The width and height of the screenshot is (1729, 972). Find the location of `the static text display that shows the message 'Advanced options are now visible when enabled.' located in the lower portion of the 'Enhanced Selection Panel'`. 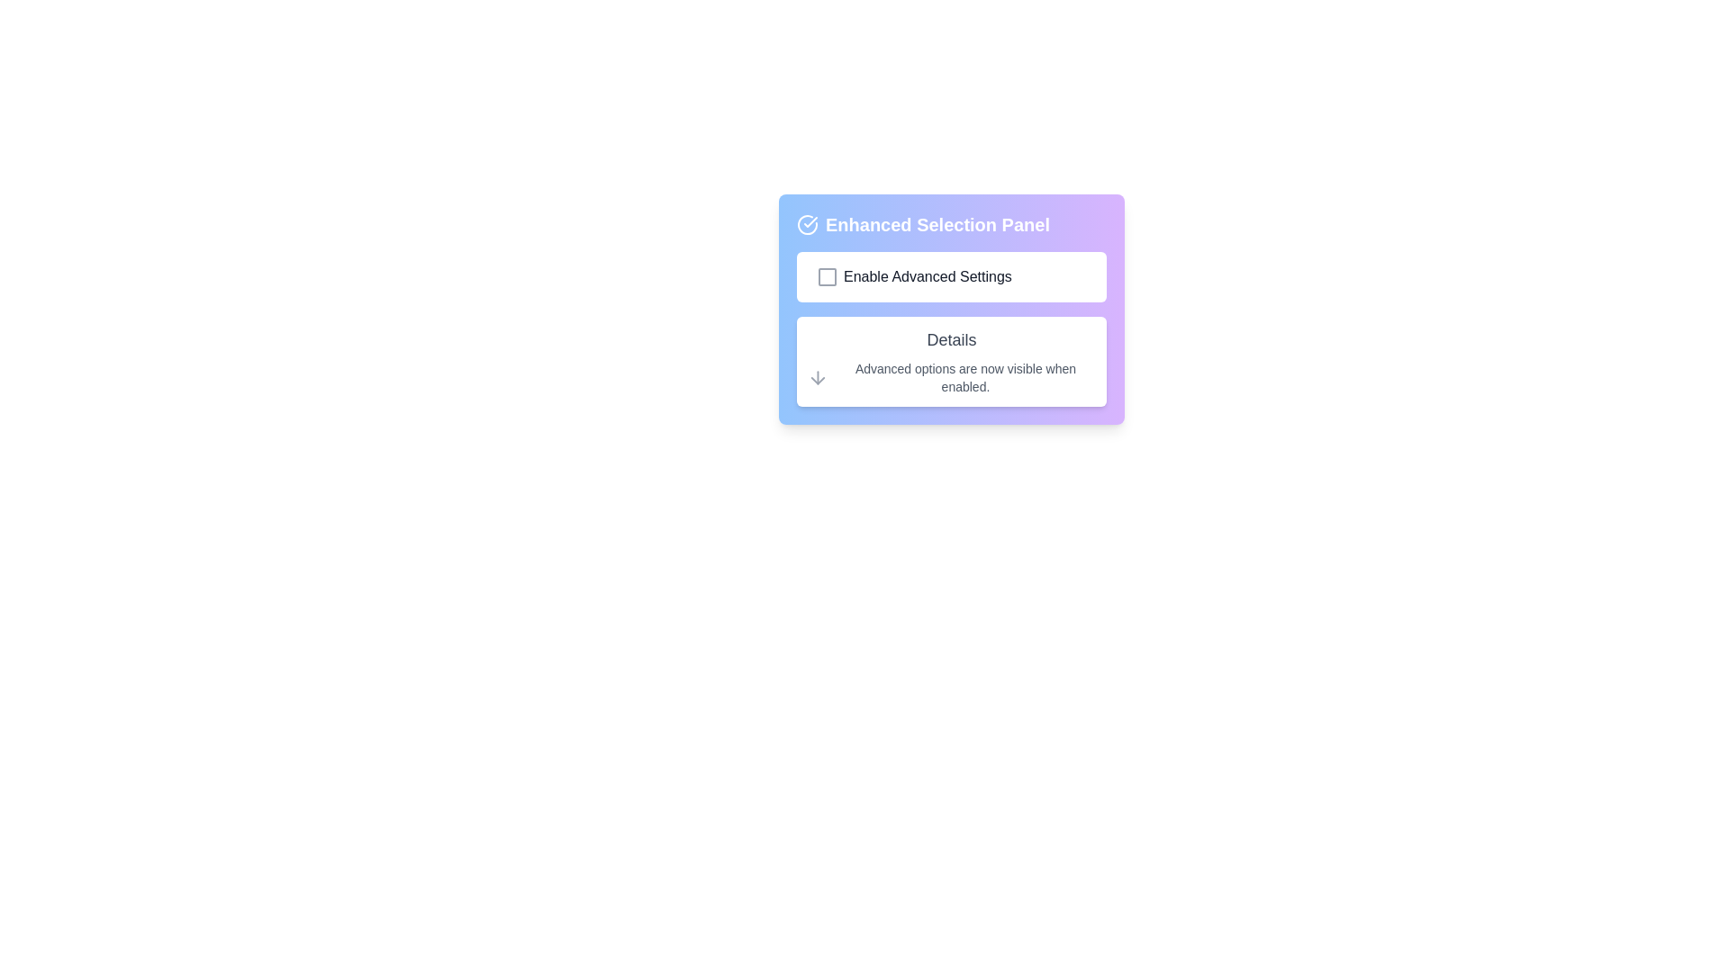

the static text display that shows the message 'Advanced options are now visible when enabled.' located in the lower portion of the 'Enhanced Selection Panel' is located at coordinates (964, 377).